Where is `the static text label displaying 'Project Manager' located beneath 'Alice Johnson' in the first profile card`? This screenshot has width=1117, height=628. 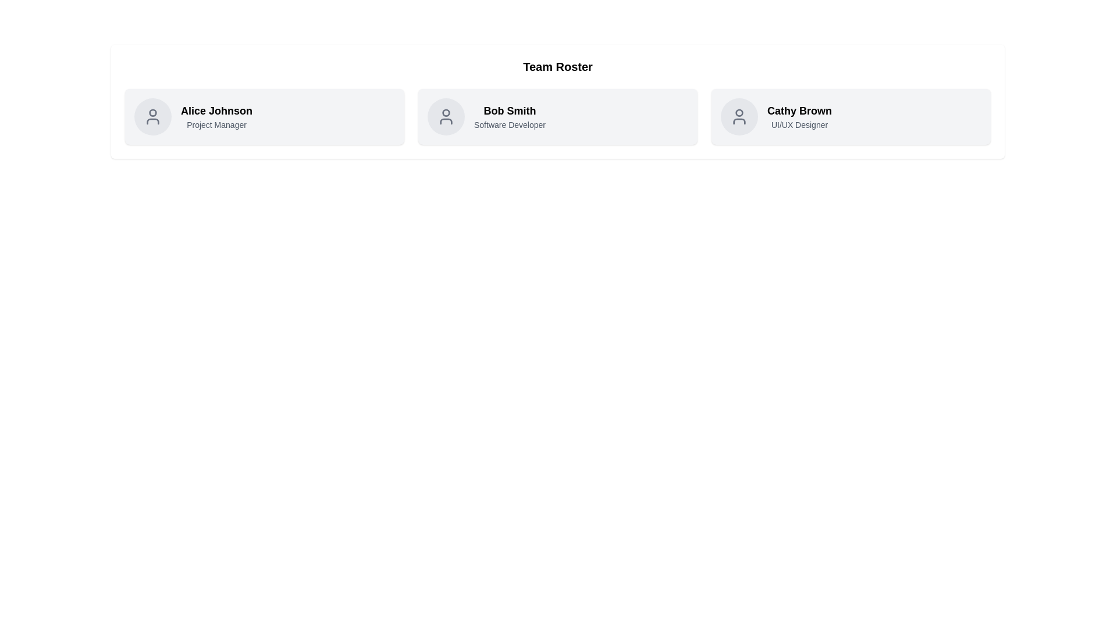
the static text label displaying 'Project Manager' located beneath 'Alice Johnson' in the first profile card is located at coordinates (216, 125).